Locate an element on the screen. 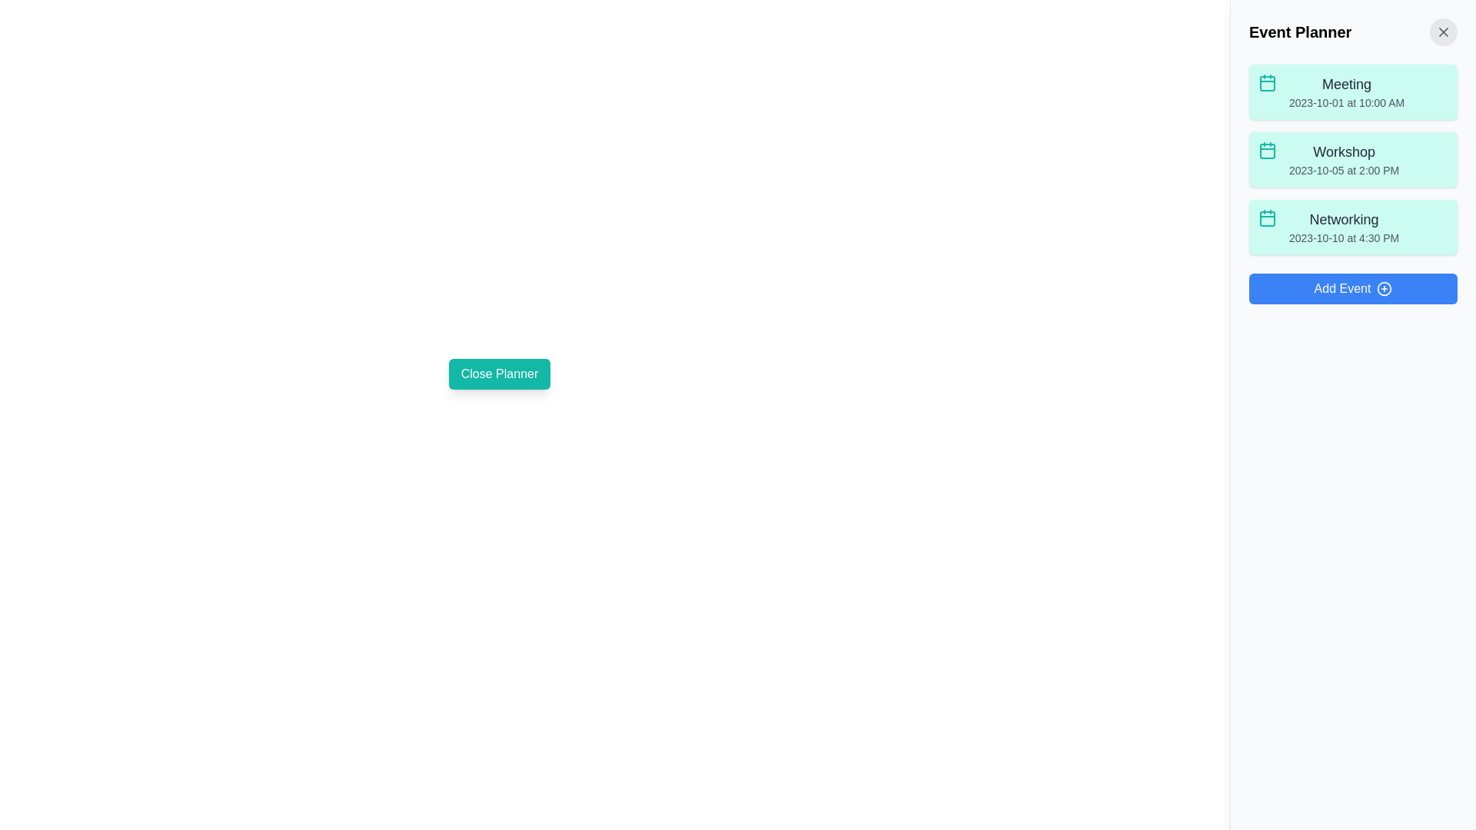 This screenshot has height=830, width=1476. the details of the 'Networking' event displayed in the Text Block, which includes the title and scheduled date and time is located at coordinates (1343, 227).